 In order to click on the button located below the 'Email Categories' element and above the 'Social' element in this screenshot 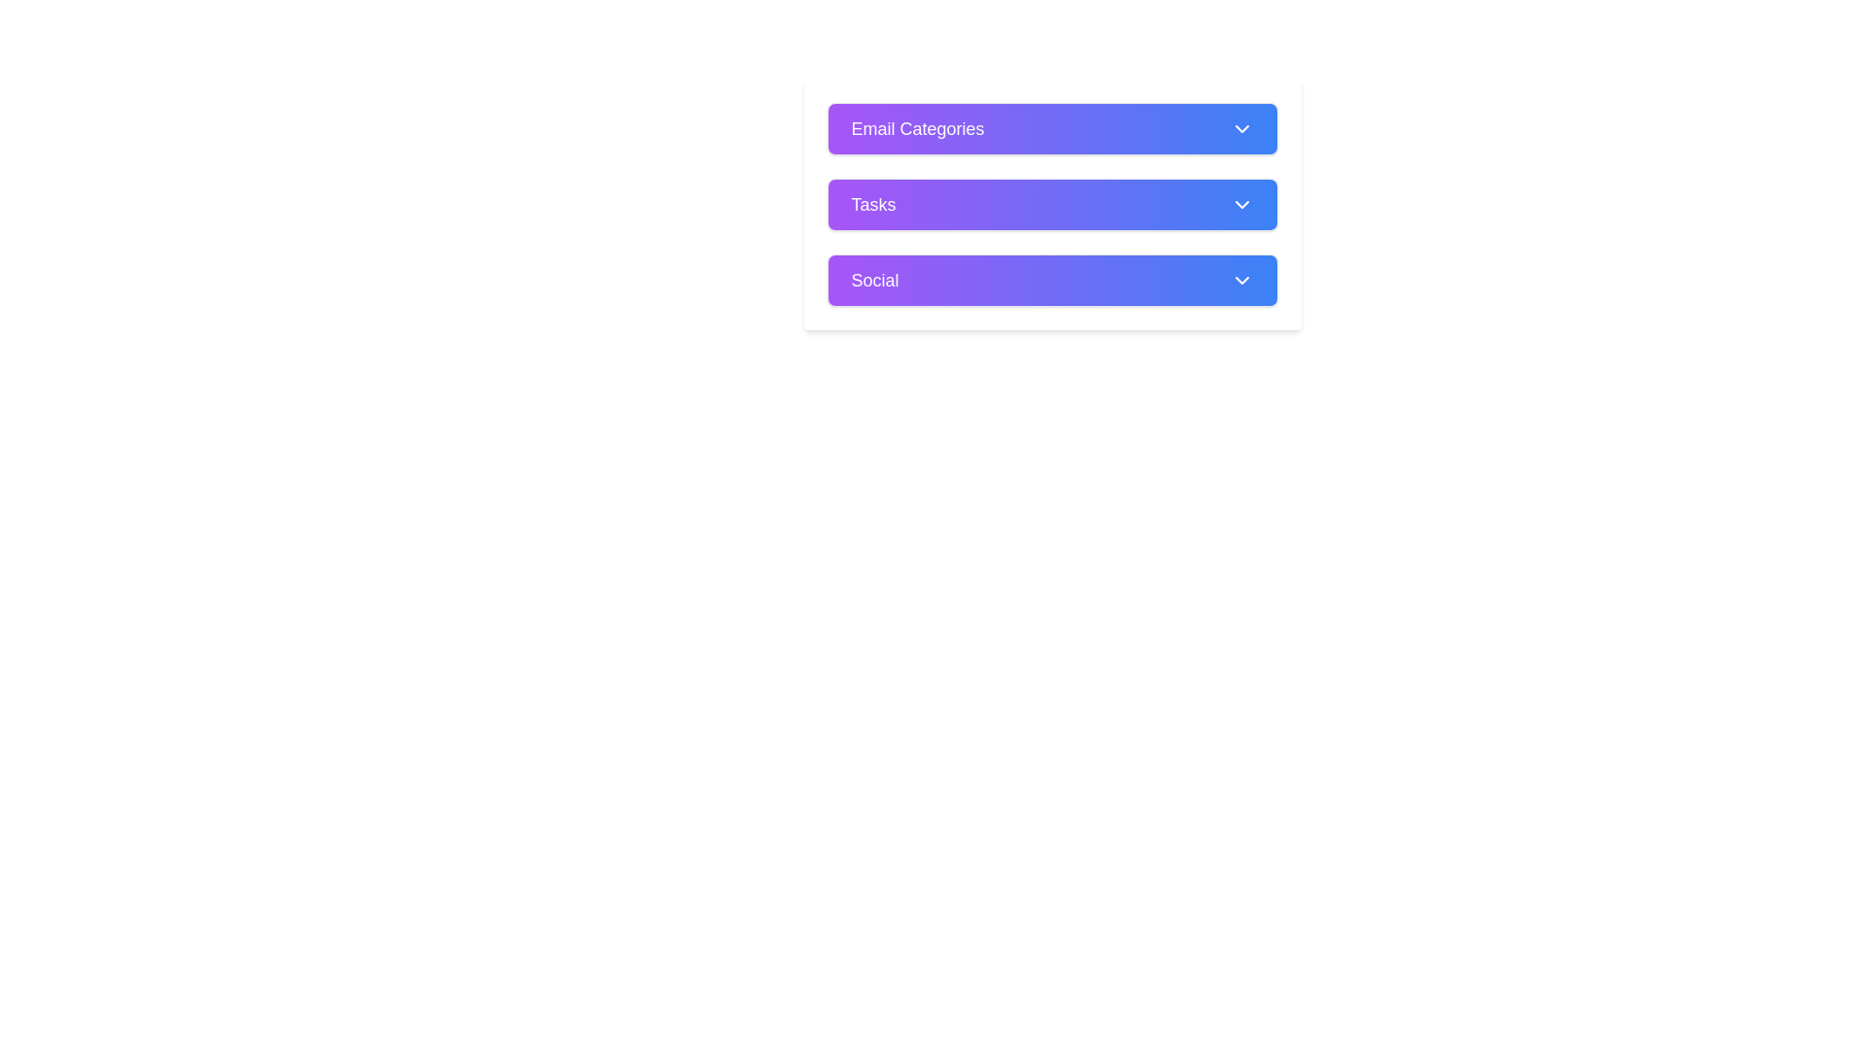, I will do `click(1051, 205)`.